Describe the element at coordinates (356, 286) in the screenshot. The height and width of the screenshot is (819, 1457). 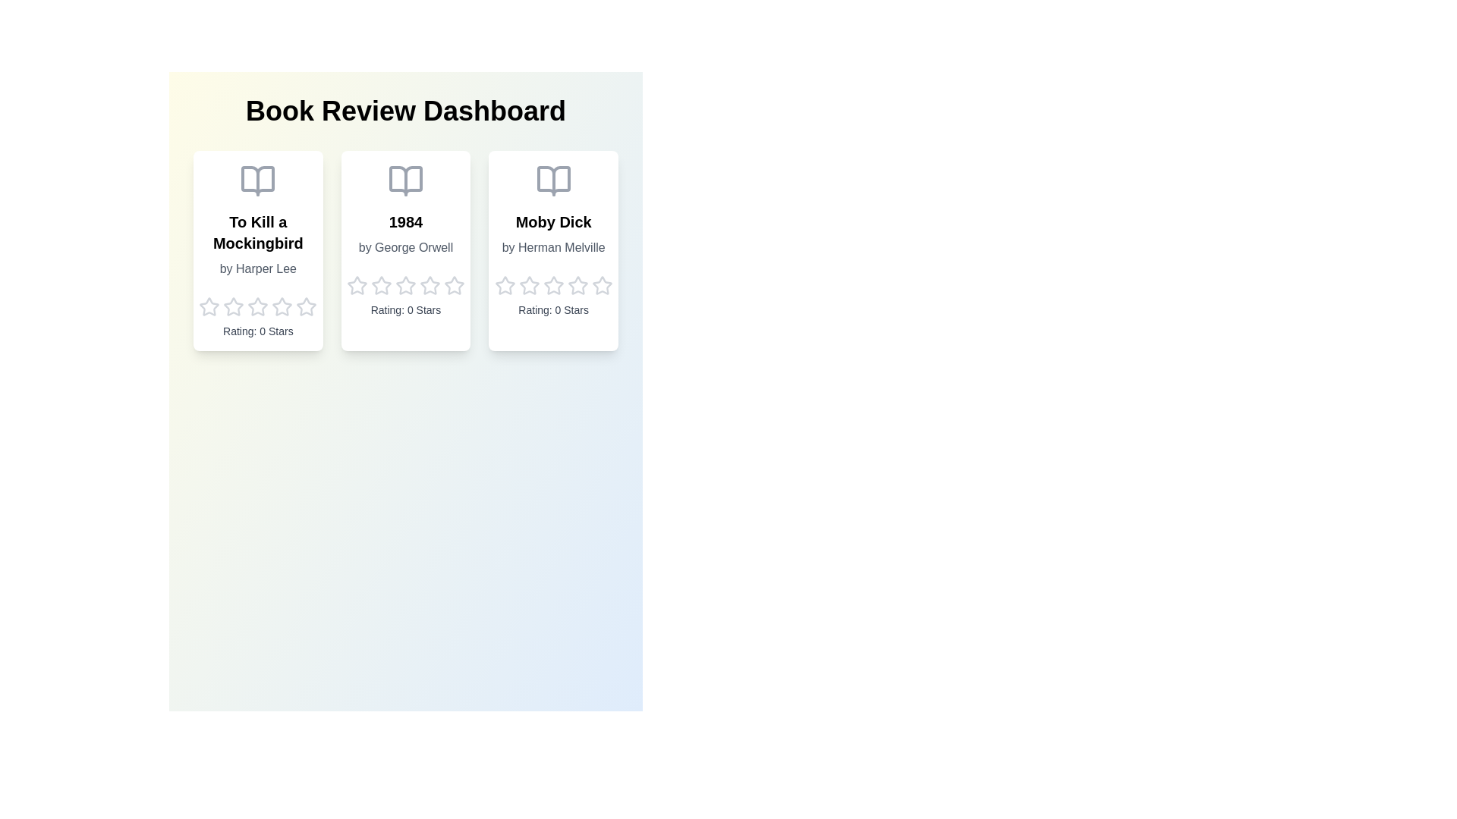
I see `the star icon corresponding to the rating 1 for the book 2` at that location.